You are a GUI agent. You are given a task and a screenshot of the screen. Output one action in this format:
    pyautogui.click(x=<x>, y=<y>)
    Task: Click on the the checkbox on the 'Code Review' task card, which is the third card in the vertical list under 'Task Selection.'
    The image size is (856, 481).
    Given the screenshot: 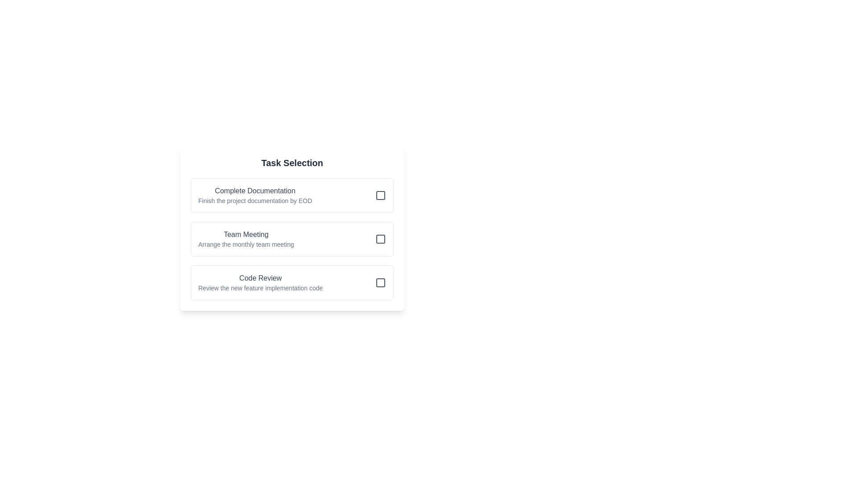 What is the action you would take?
    pyautogui.click(x=292, y=283)
    